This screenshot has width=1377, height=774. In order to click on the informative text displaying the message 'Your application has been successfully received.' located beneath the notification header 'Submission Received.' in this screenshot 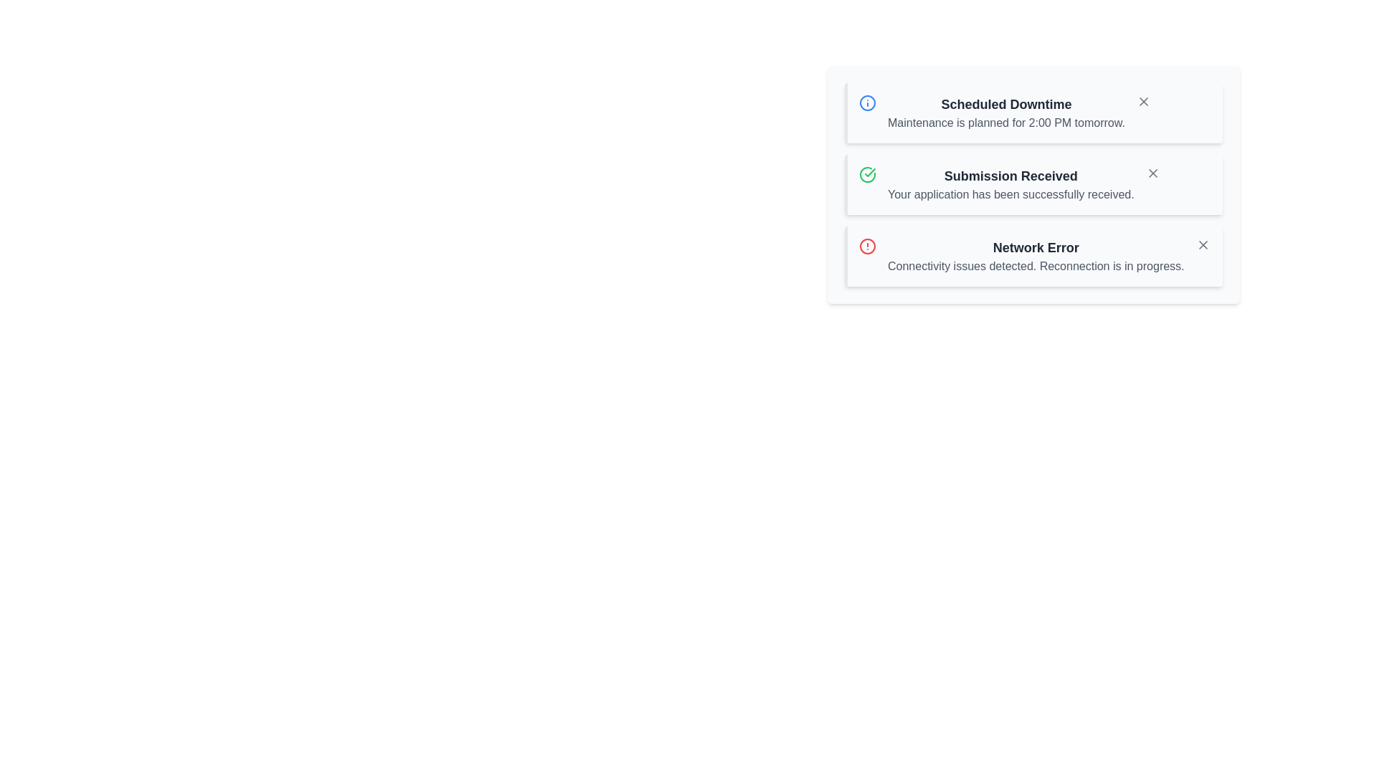, I will do `click(1010, 195)`.